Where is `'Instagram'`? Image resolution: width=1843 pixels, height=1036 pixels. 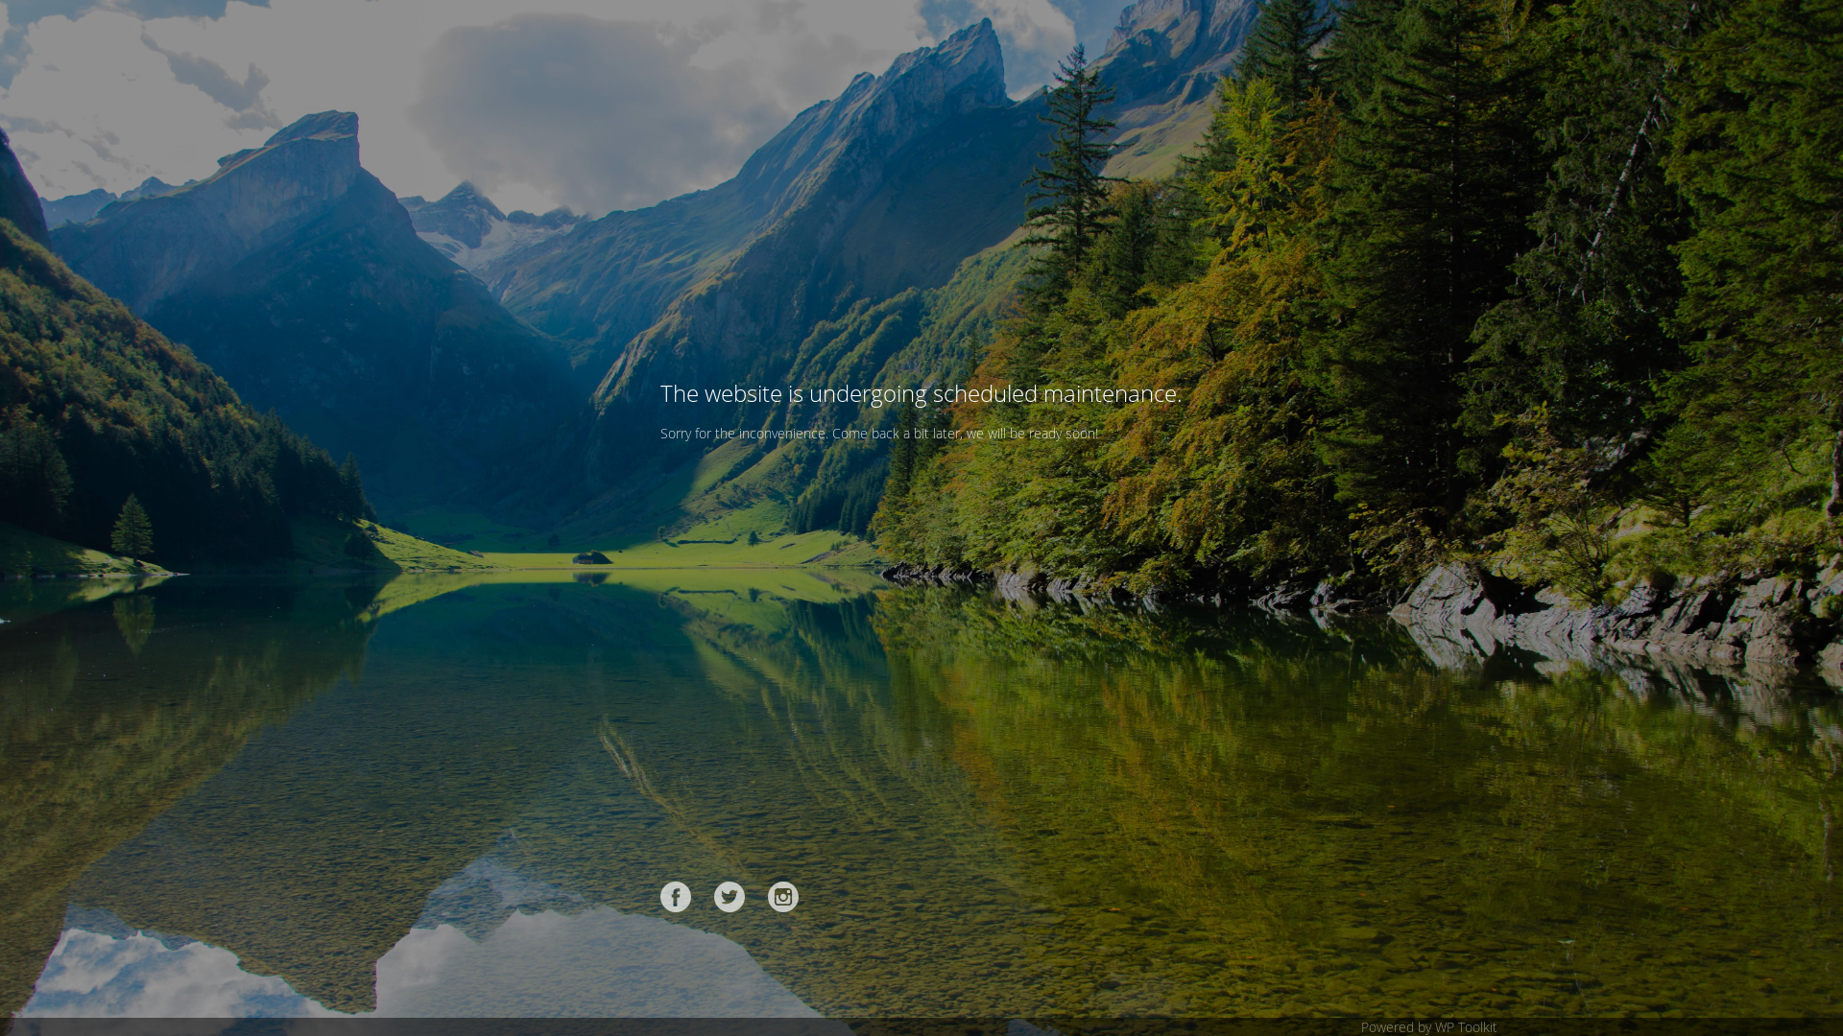 'Instagram' is located at coordinates (783, 896).